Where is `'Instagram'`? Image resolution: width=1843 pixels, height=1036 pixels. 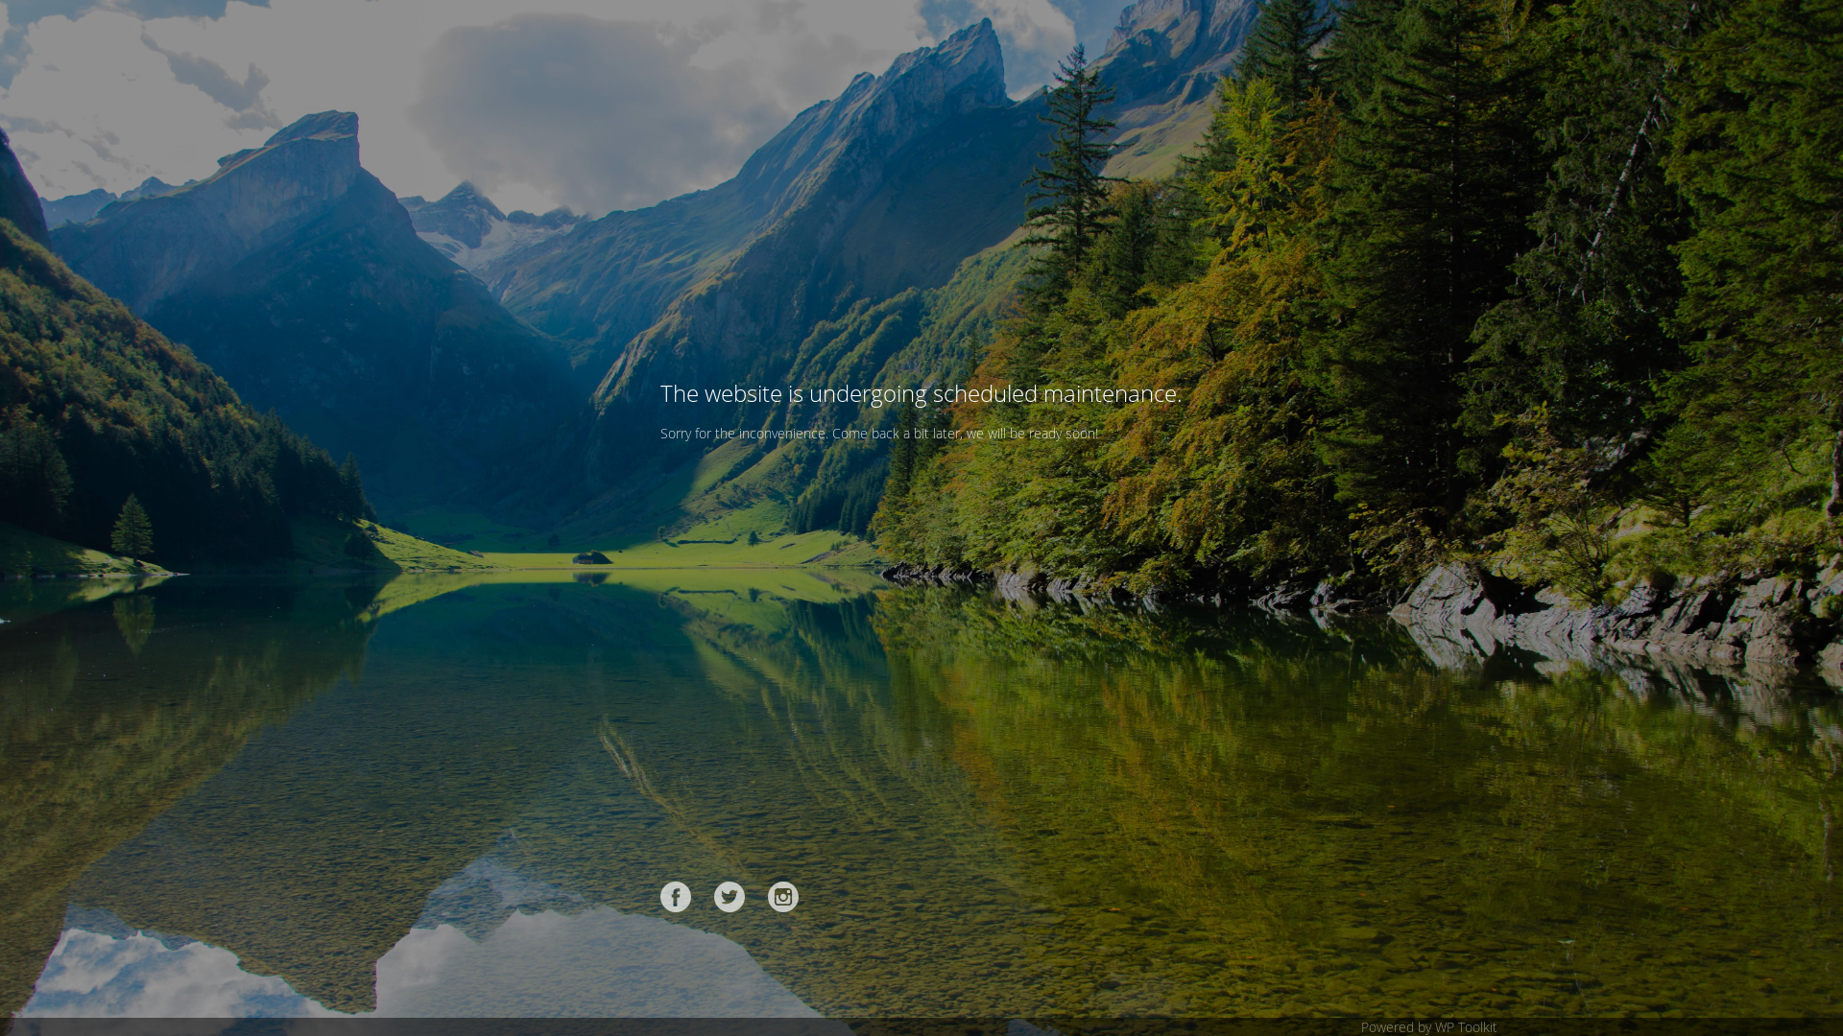 'Instagram' is located at coordinates (783, 896).